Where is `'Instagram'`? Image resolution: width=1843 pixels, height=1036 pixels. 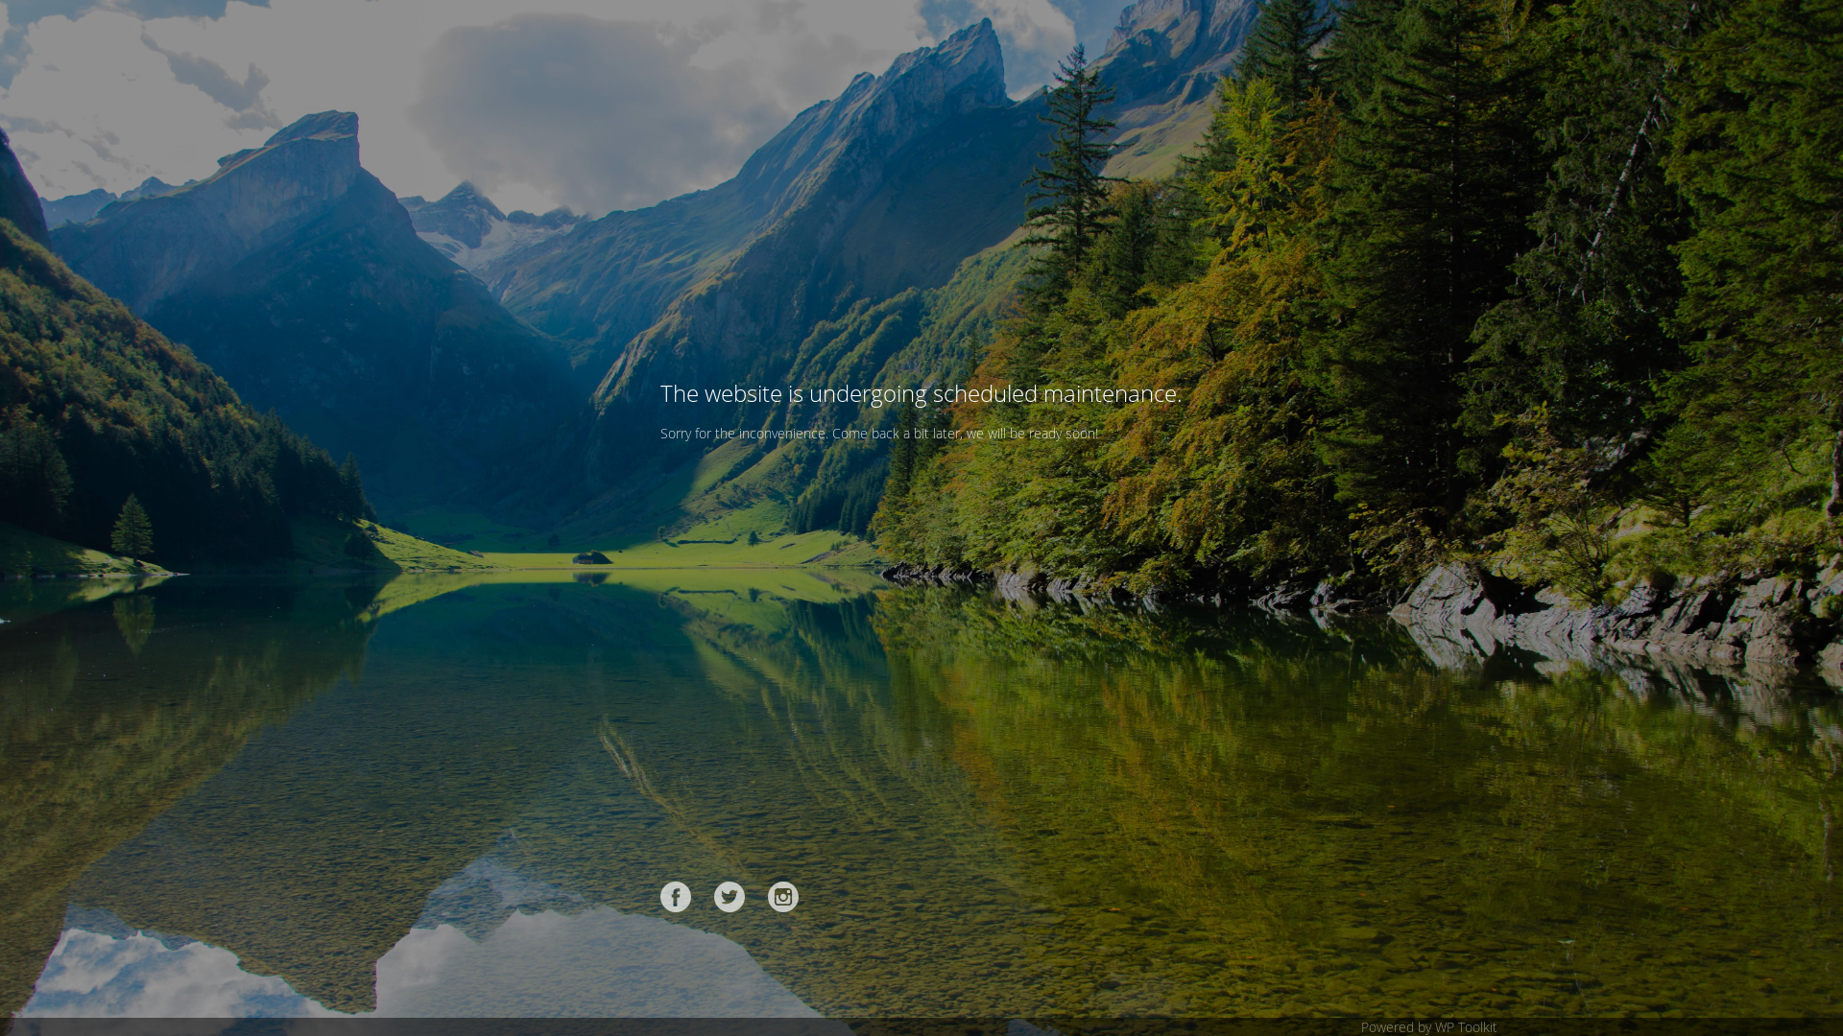 'Instagram' is located at coordinates (783, 896).